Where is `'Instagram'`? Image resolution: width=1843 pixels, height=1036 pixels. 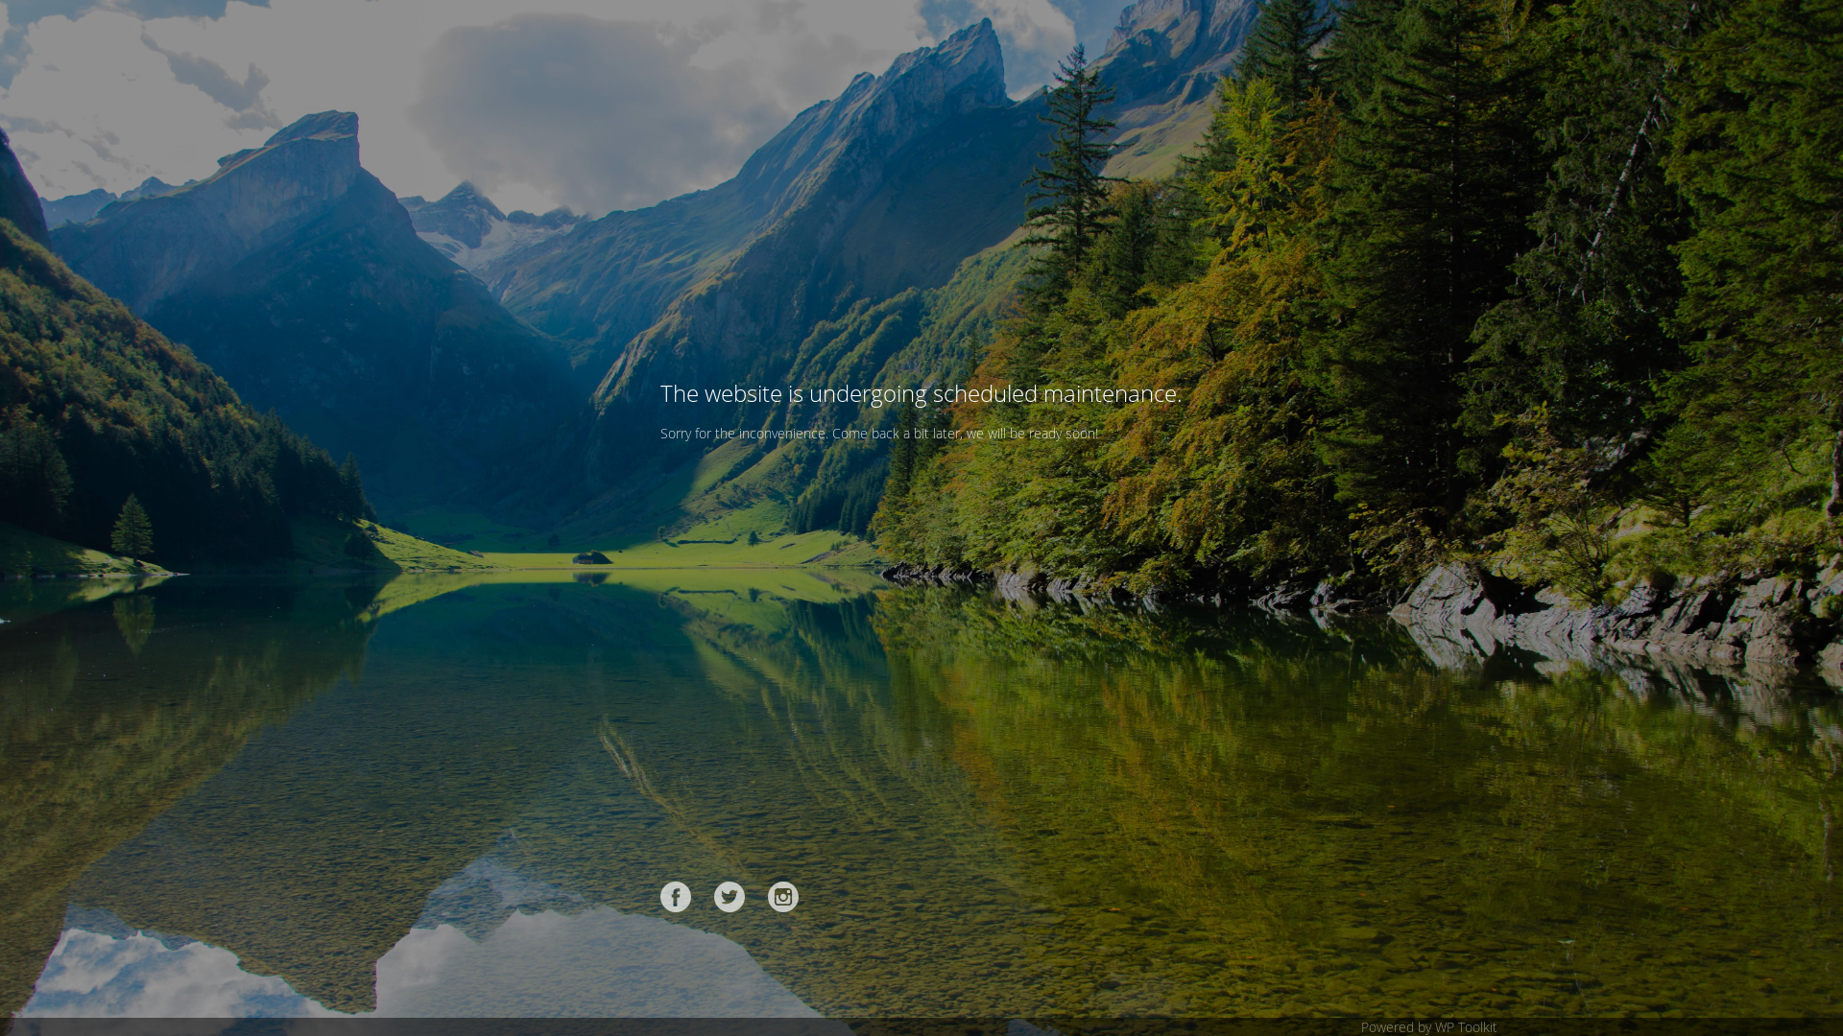 'Instagram' is located at coordinates (783, 896).